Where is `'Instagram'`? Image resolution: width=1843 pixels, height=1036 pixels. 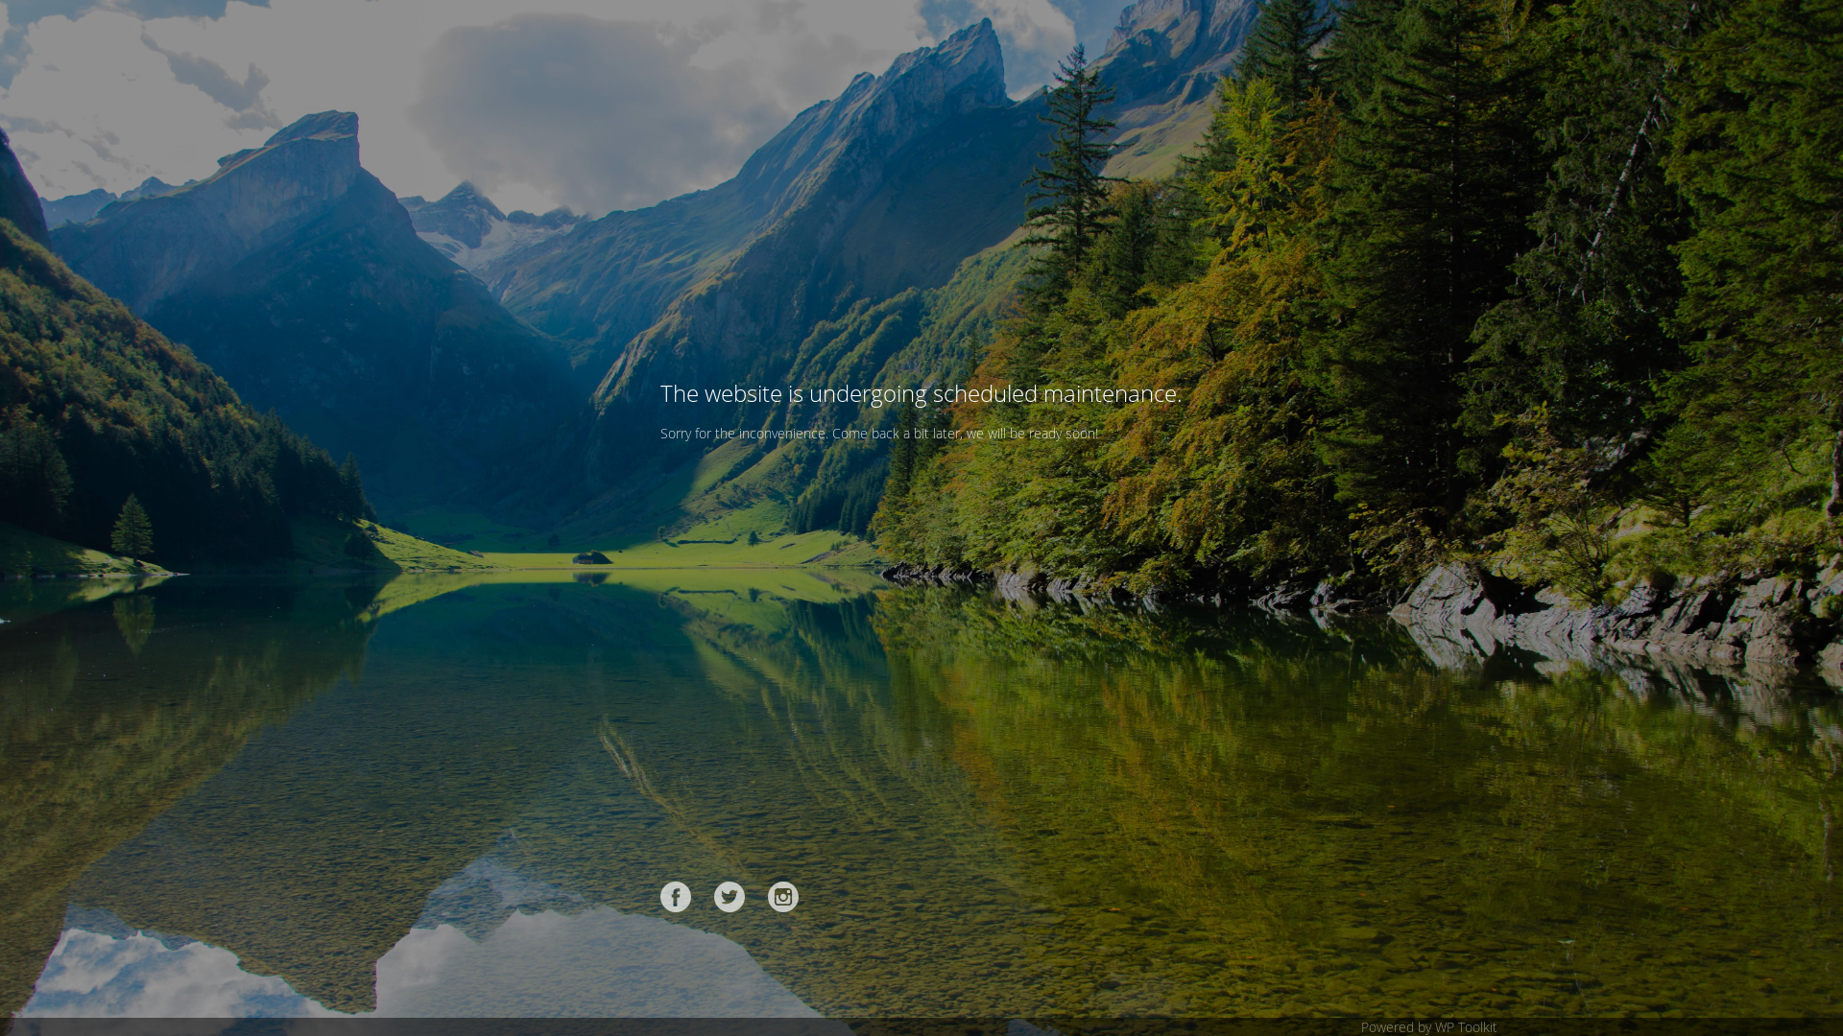 'Instagram' is located at coordinates (783, 896).